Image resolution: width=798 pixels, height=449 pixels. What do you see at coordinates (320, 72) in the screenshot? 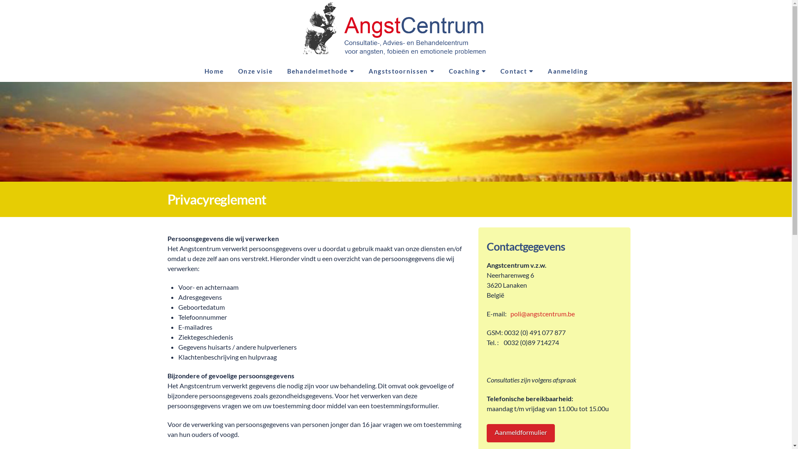
I see `'Behandelmethode'` at bounding box center [320, 72].